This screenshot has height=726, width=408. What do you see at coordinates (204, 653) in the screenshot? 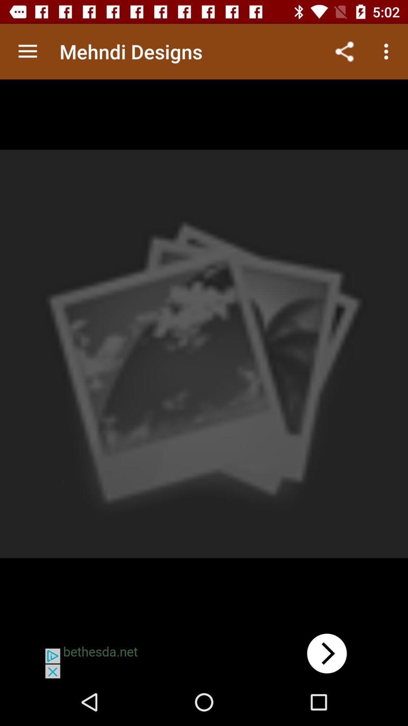
I see `redirects you to offer page` at bounding box center [204, 653].